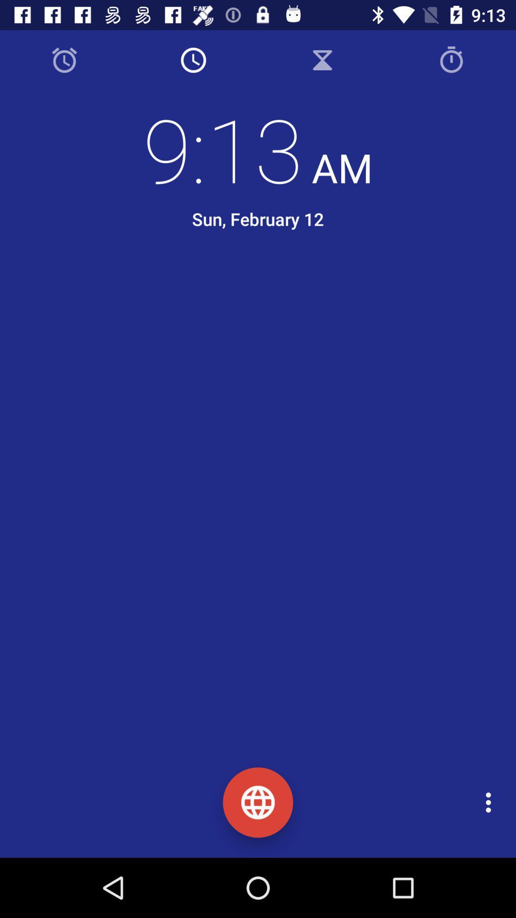  What do you see at coordinates (258, 219) in the screenshot?
I see `the sun, february 12 item` at bounding box center [258, 219].